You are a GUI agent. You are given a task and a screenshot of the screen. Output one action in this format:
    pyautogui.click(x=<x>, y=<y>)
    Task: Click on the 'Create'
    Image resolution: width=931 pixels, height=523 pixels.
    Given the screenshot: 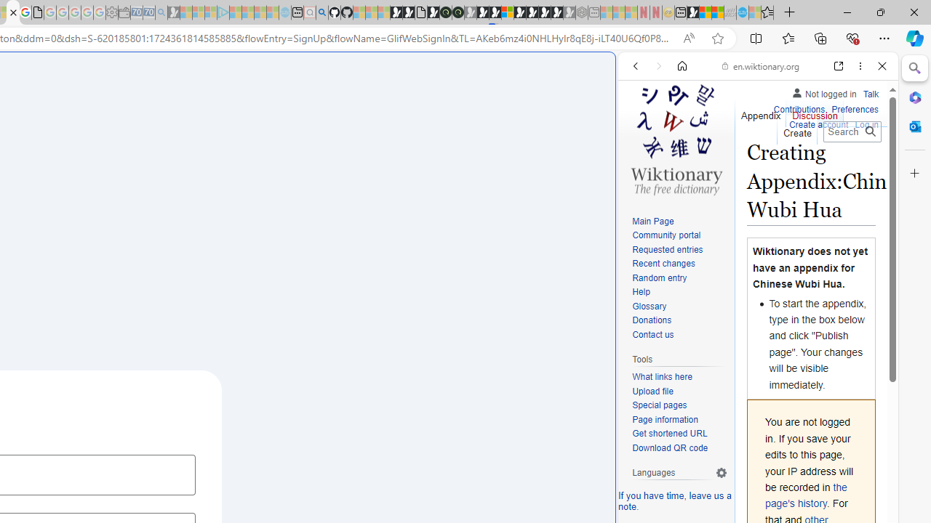 What is the action you would take?
    pyautogui.click(x=796, y=129)
    